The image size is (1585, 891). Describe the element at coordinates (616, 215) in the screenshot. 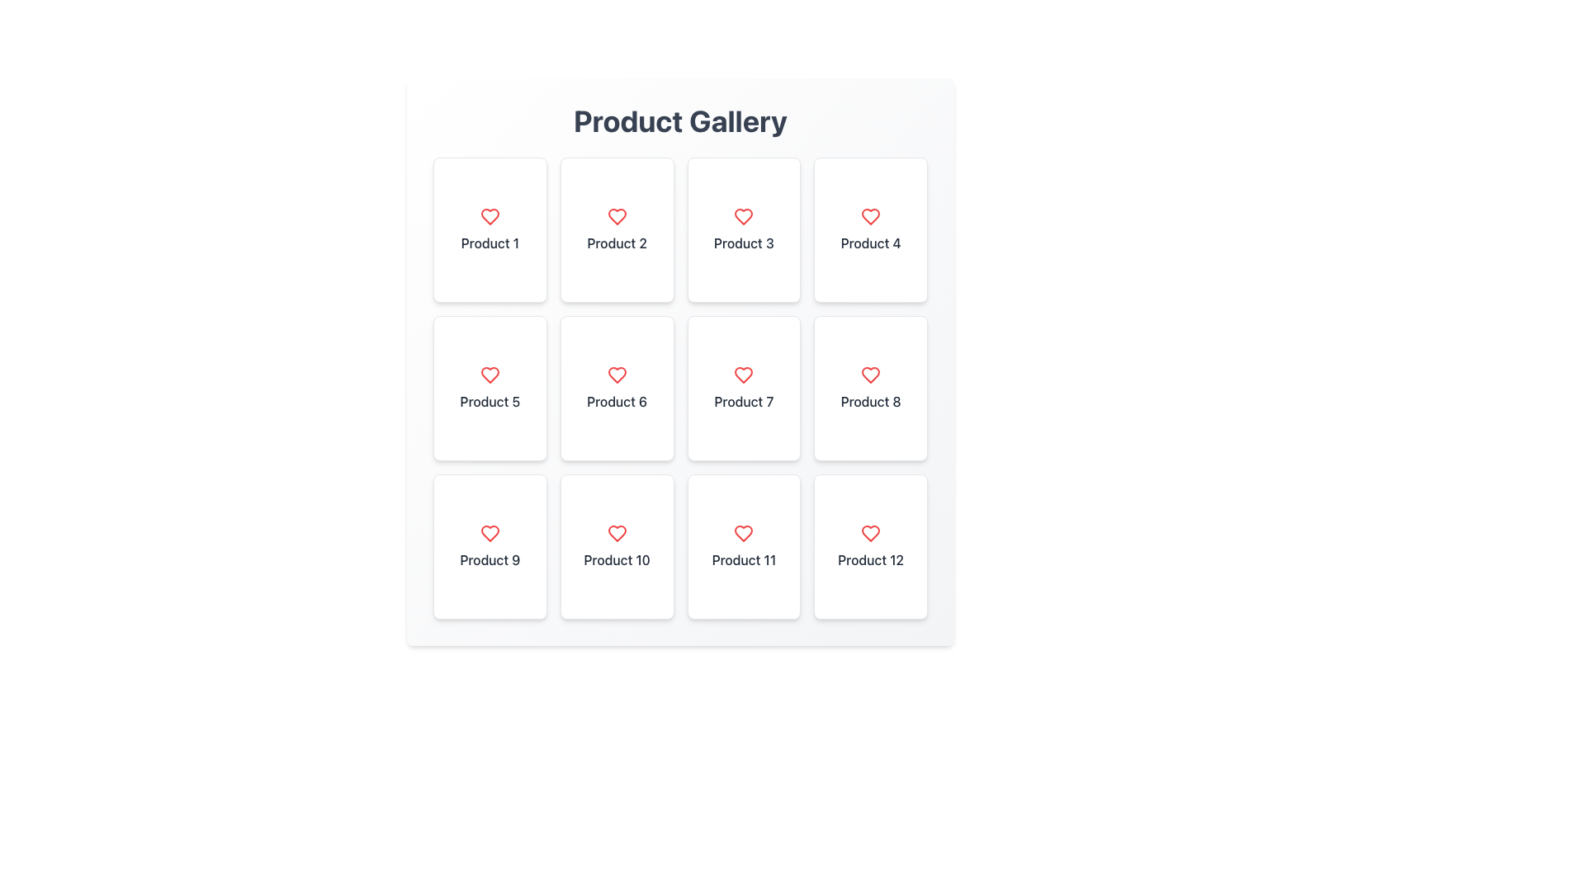

I see `the heart icon located within the card representing 'Product 2'` at that location.